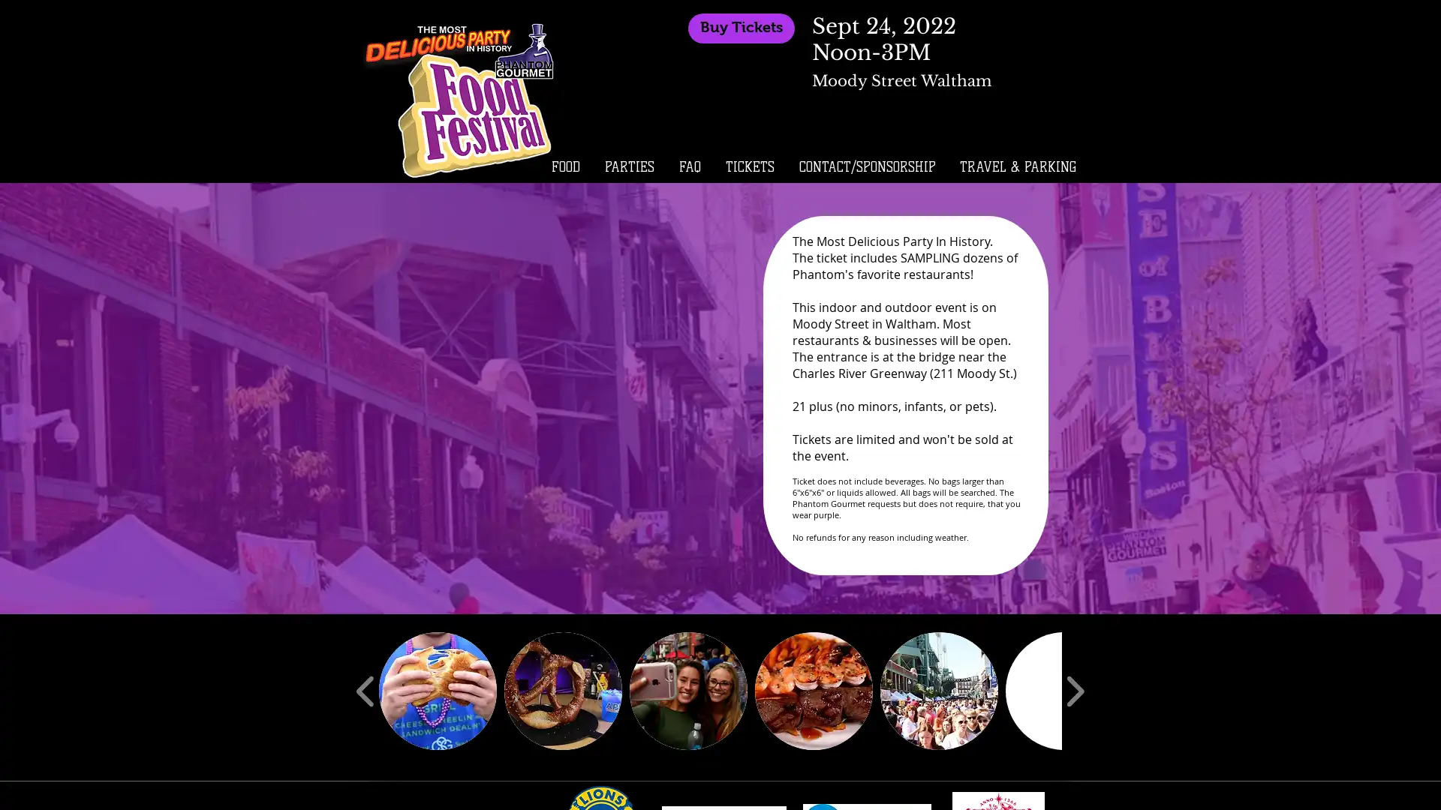 This screenshot has height=810, width=1441. Describe the element at coordinates (1074, 691) in the screenshot. I see `play forward` at that location.